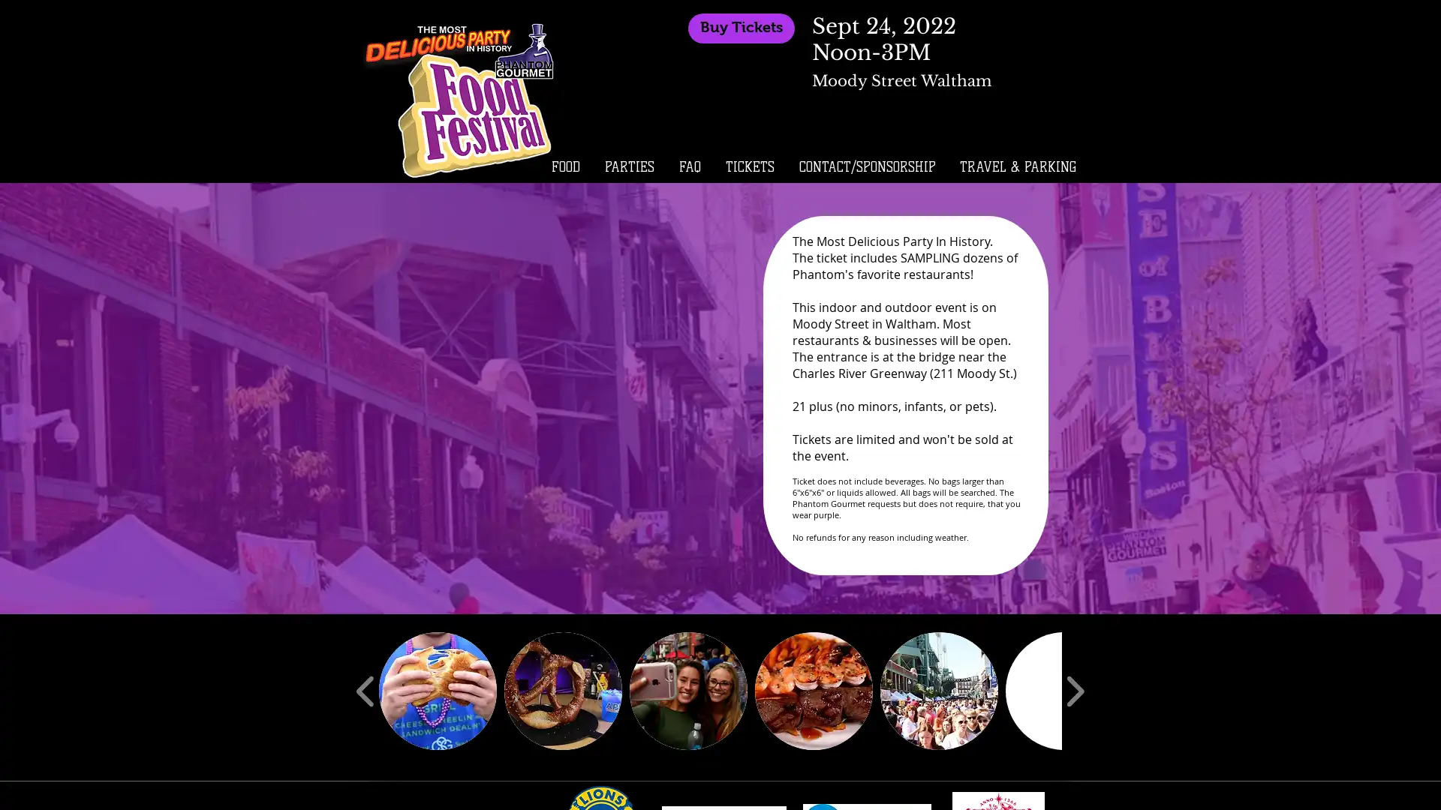 This screenshot has height=810, width=1441. Describe the element at coordinates (1074, 691) in the screenshot. I see `play forward` at that location.